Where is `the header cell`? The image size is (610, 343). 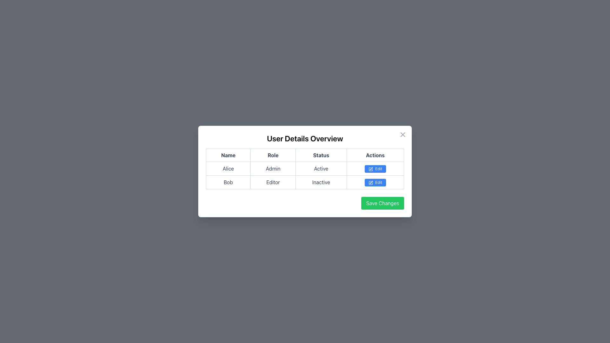 the header cell is located at coordinates (228, 155).